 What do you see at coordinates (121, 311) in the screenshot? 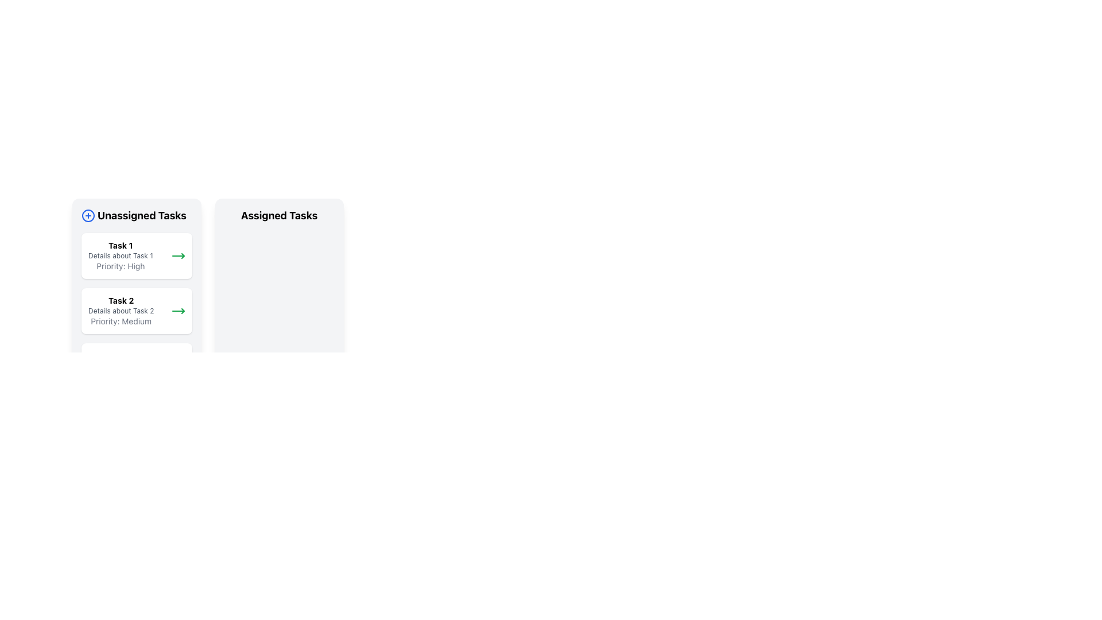
I see `descriptive text located below the title 'Task 2' and above the priority text 'Priority: Medium' in the task's card within the 'Unassigned Tasks' section` at bounding box center [121, 311].